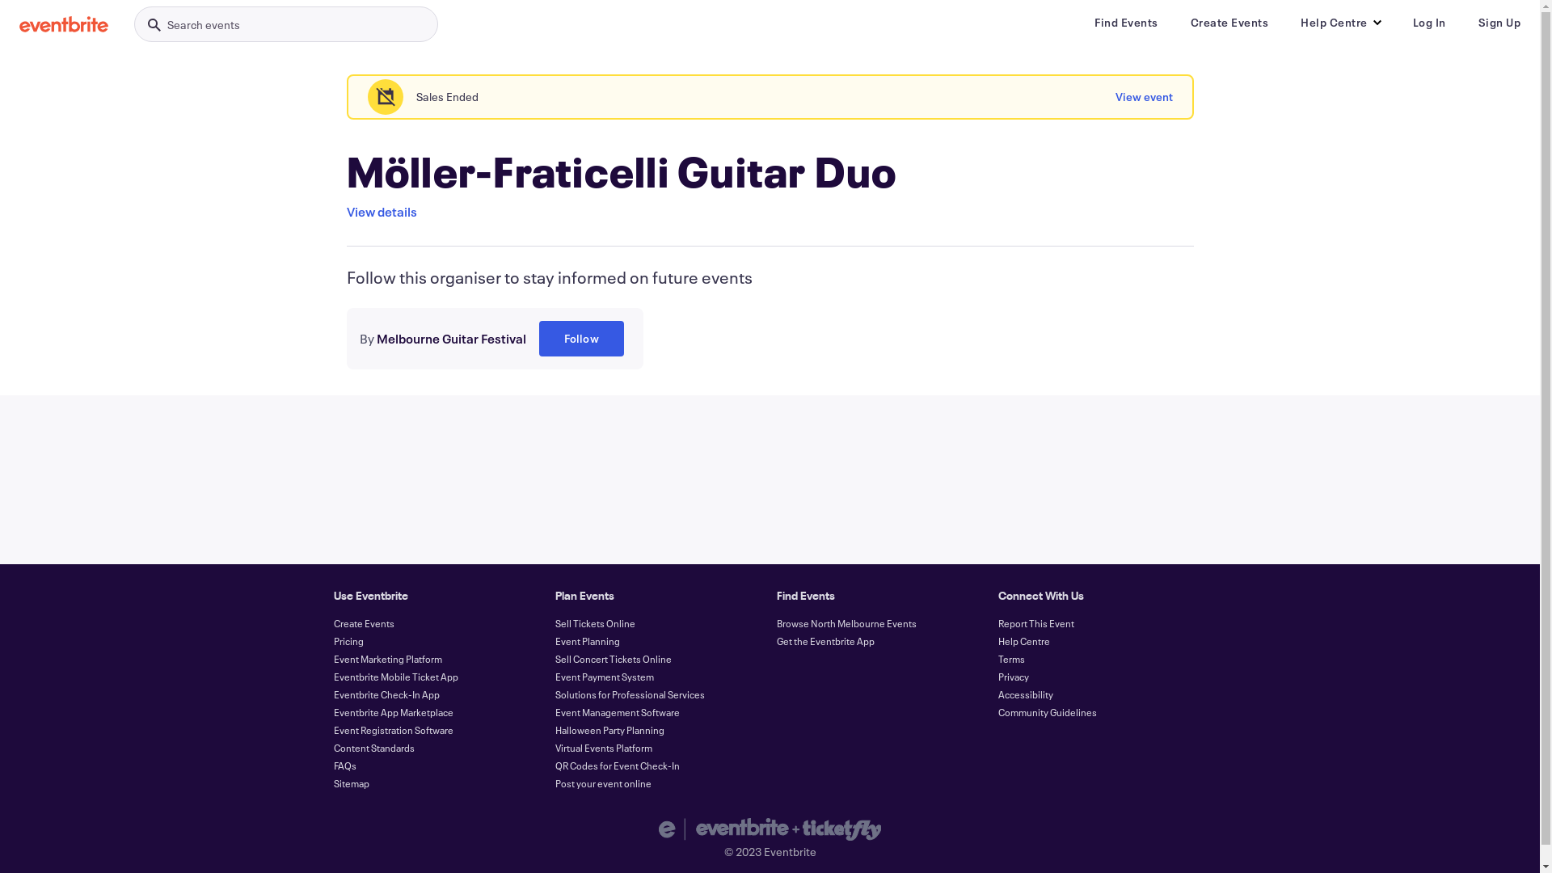 The height and width of the screenshot is (873, 1552). Describe the element at coordinates (63, 24) in the screenshot. I see `'Eventbrite'` at that location.